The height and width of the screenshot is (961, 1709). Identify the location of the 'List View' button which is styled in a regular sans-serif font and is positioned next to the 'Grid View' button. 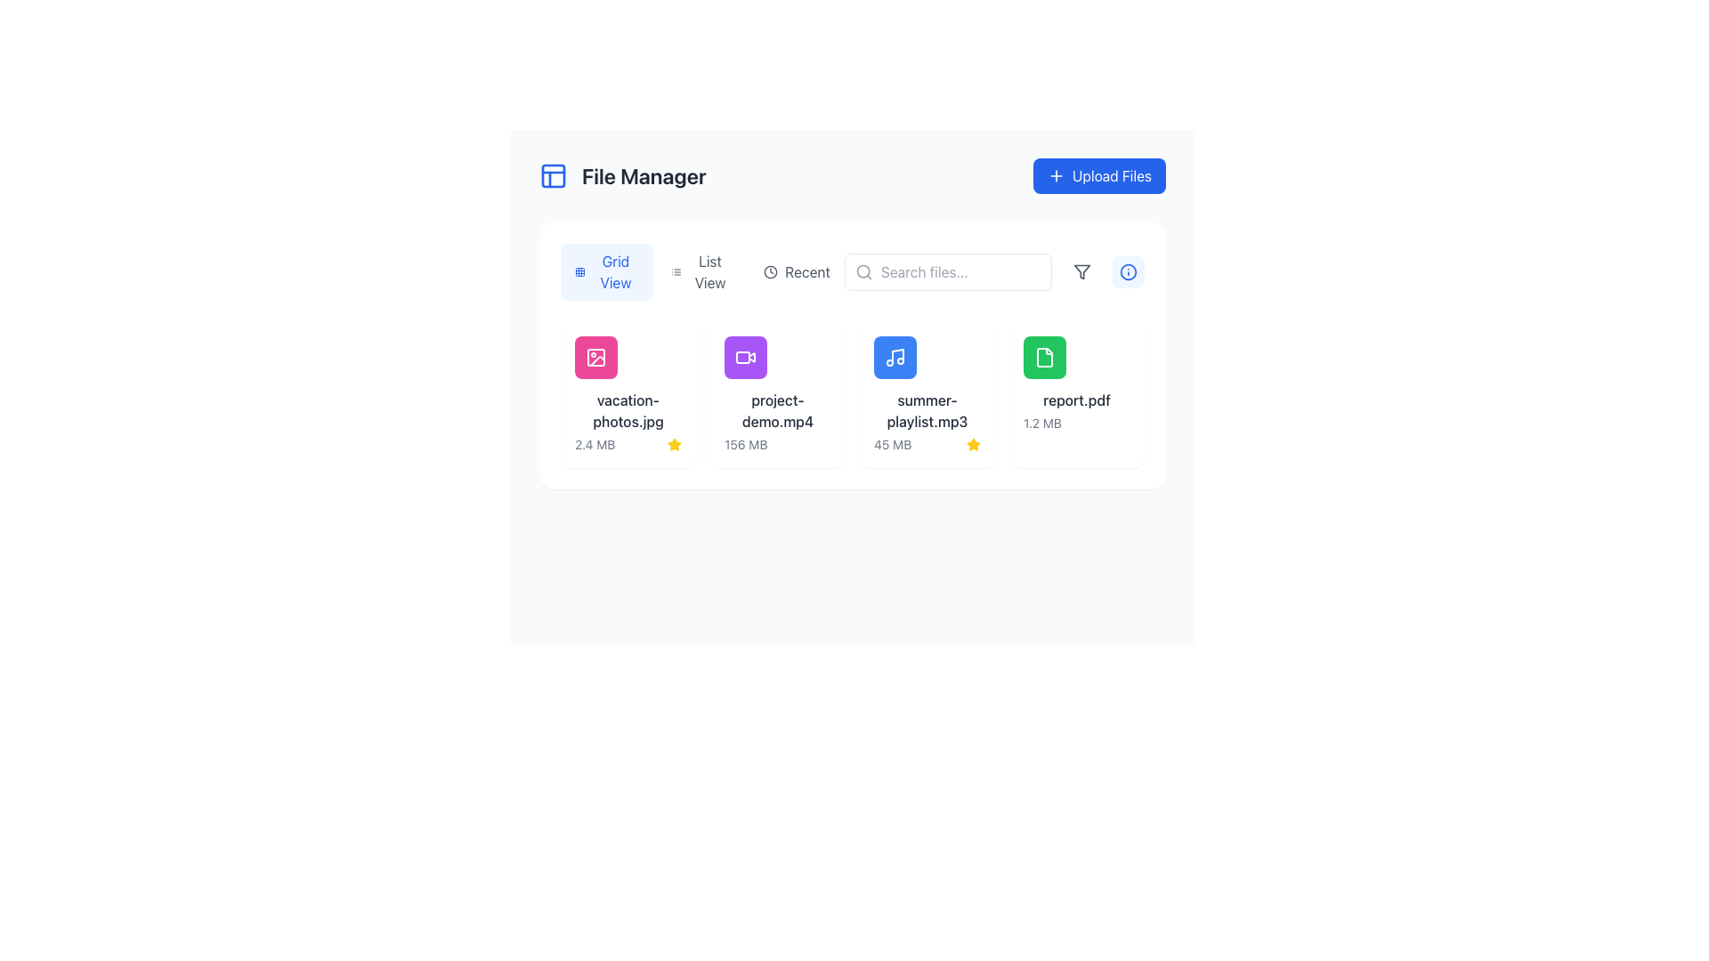
(709, 271).